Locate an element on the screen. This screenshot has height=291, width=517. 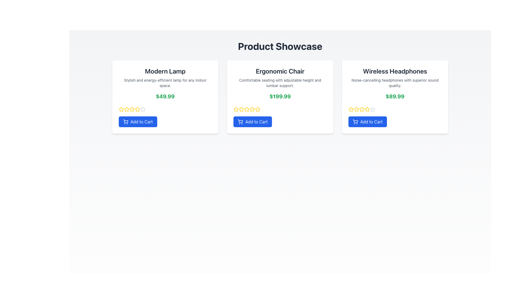
the fifth star icon in the rating system for the 'Wireless Headphones' product to adjust the rating is located at coordinates (367, 109).